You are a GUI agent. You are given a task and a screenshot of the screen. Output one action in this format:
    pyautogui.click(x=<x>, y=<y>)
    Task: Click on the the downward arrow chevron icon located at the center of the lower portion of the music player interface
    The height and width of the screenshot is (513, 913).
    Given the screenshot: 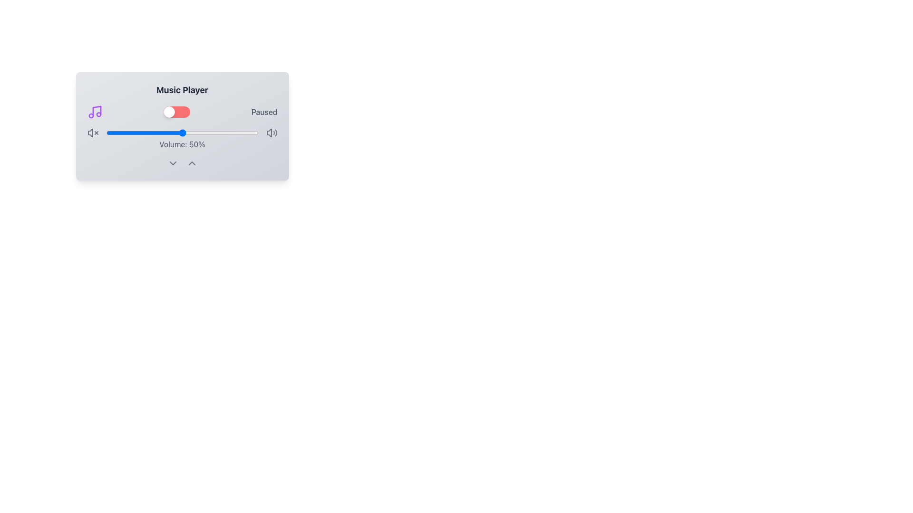 What is the action you would take?
    pyautogui.click(x=173, y=162)
    